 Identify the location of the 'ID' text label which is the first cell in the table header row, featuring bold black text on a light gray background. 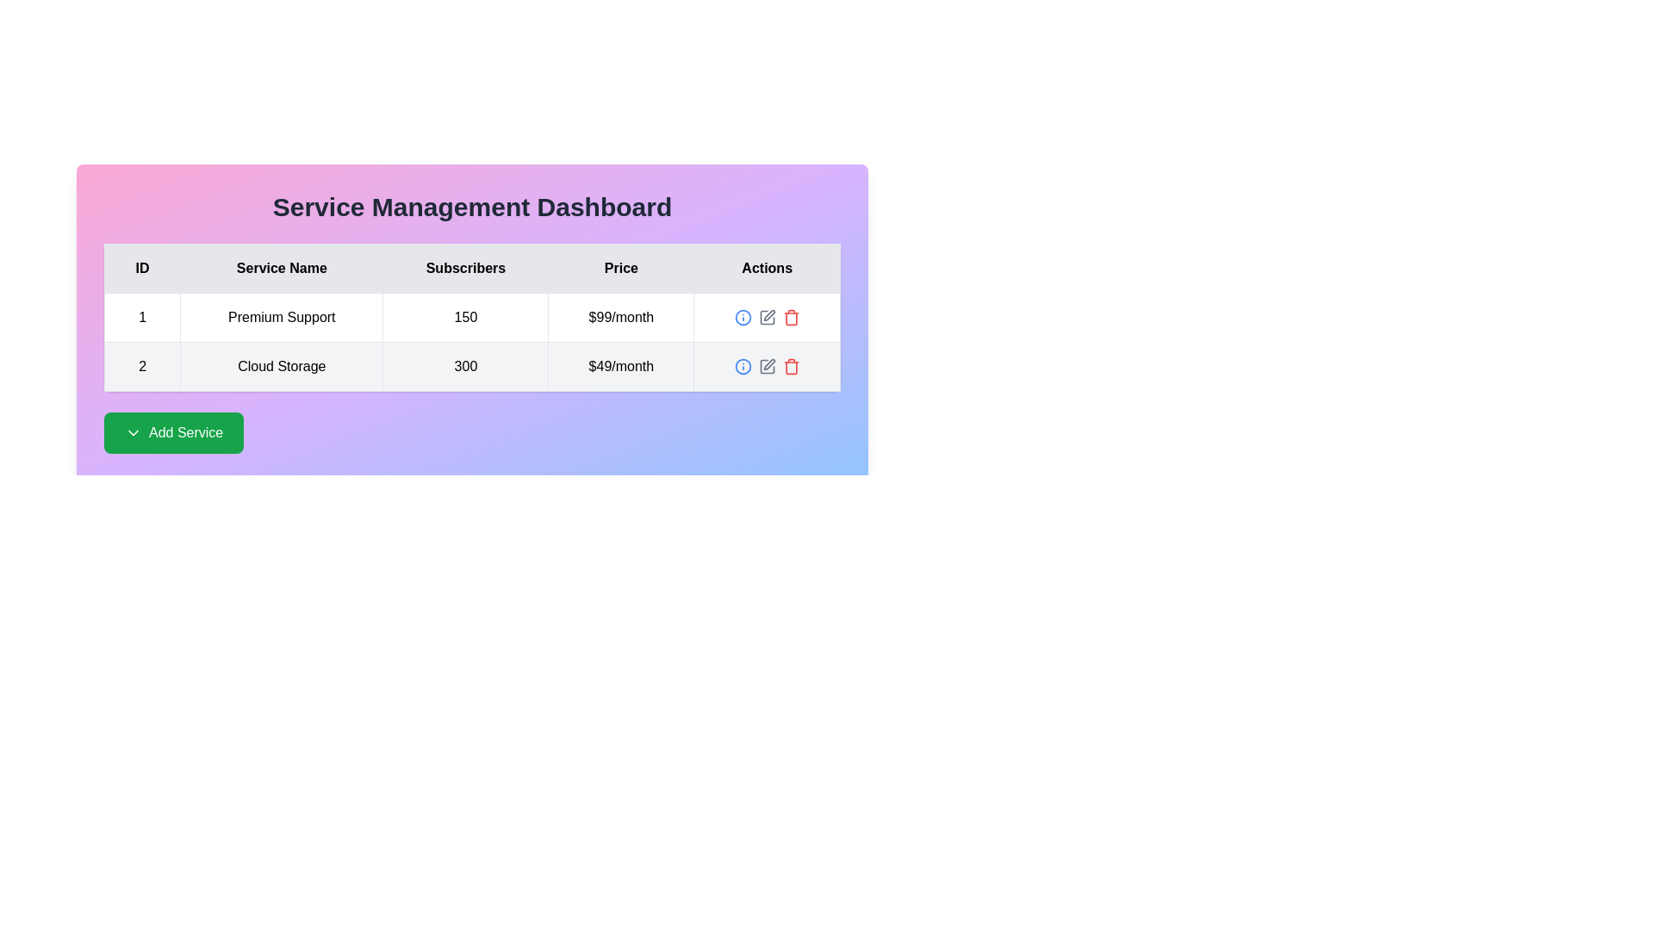
(142, 269).